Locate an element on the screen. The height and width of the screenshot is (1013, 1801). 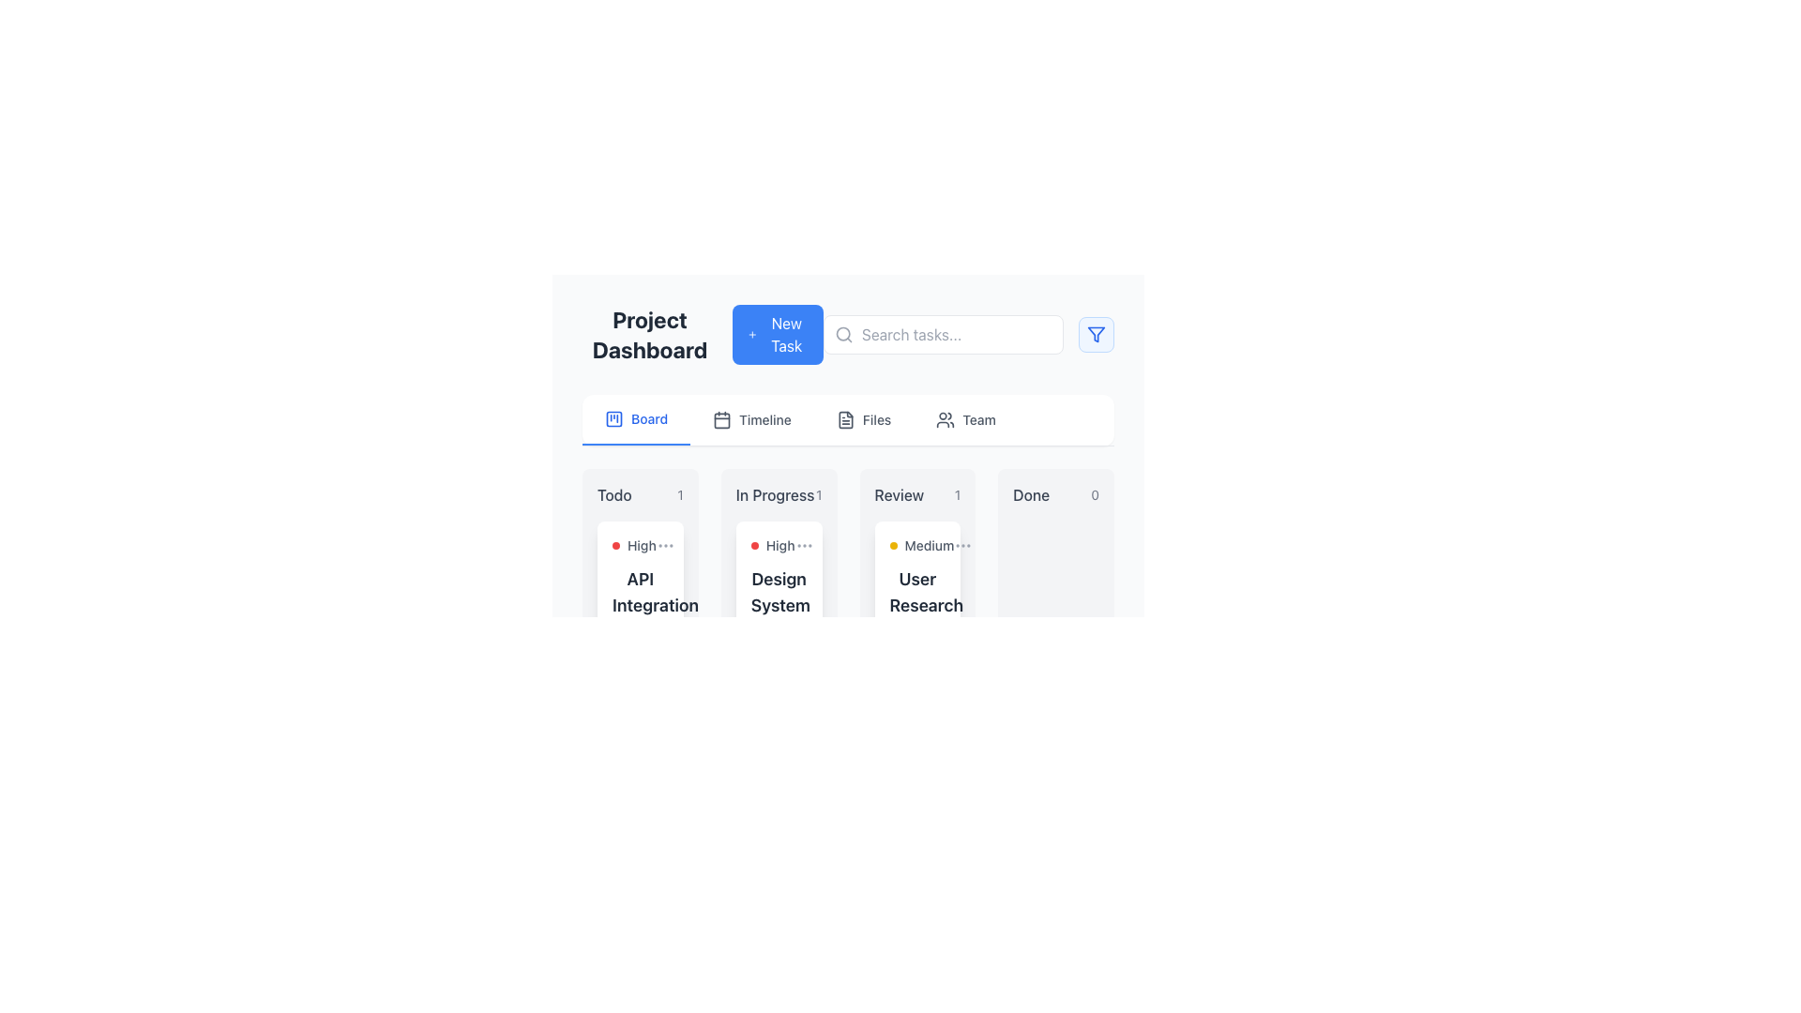
the 'Files' menu icon, which is an outlined document icon located in the top navigation bar, positioned between the 'Timeline' and 'Team' menu items is located at coordinates (844, 418).